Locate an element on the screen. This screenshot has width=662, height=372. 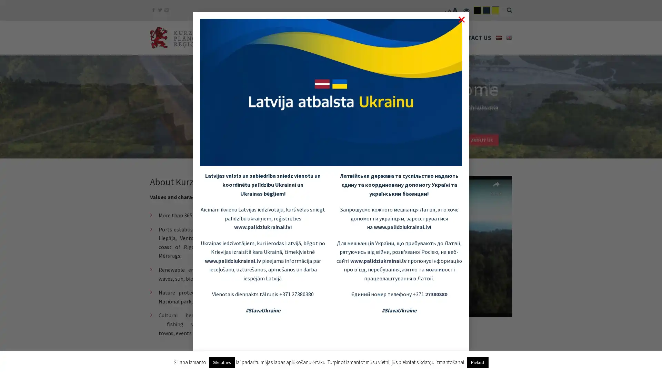
flatsome-black is located at coordinates (477, 10).